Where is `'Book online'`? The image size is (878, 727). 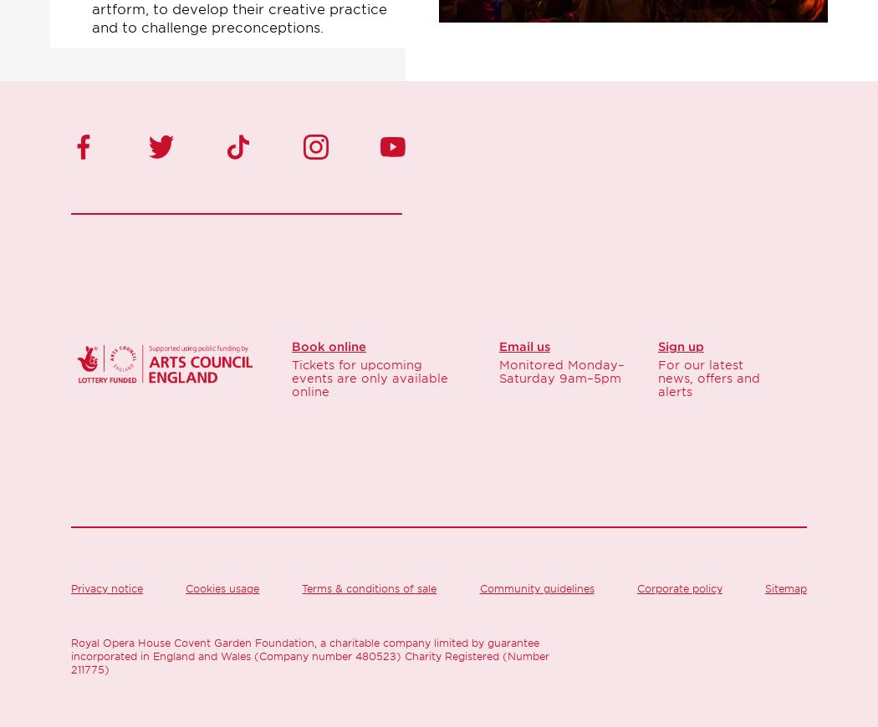 'Book online' is located at coordinates (329, 346).